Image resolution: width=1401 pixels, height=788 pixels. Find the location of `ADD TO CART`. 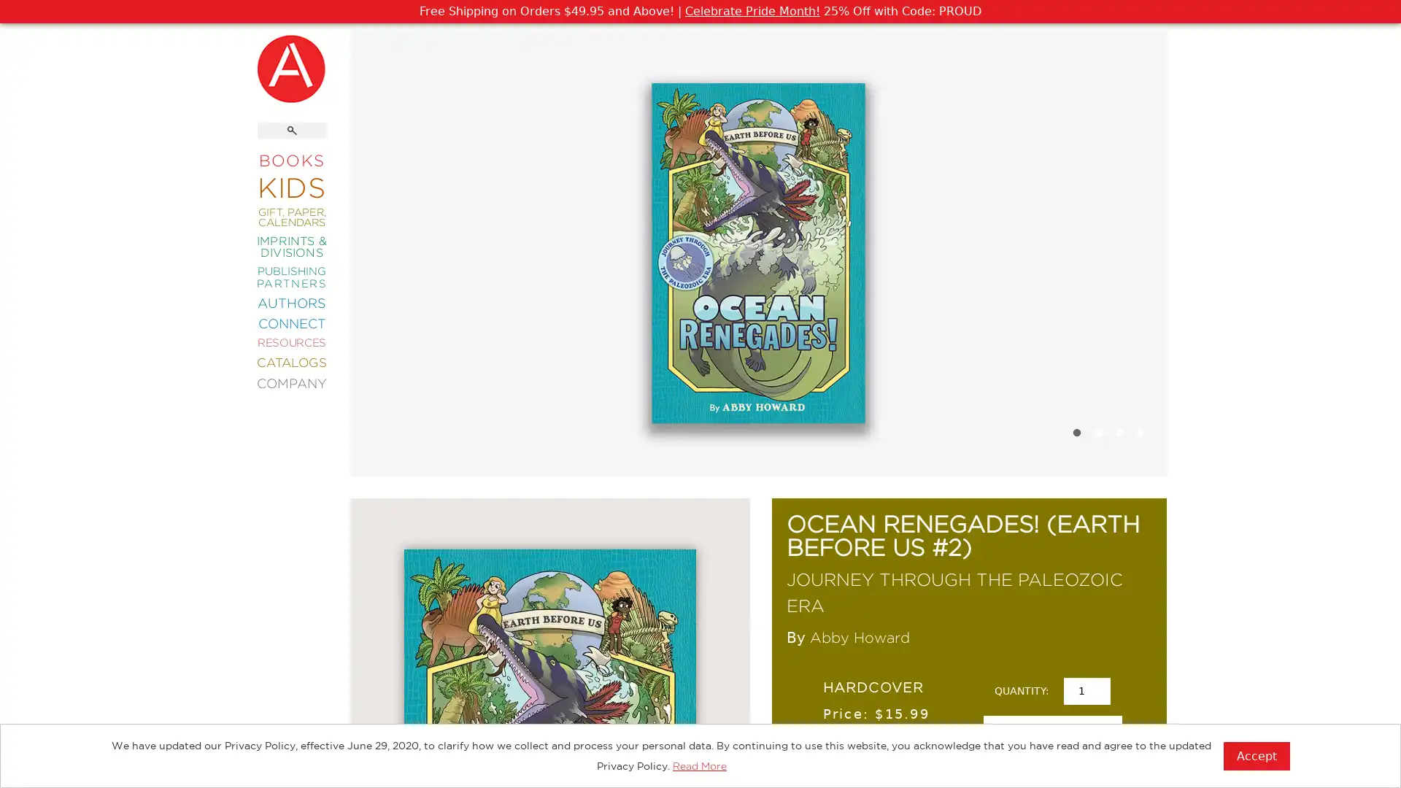

ADD TO CART is located at coordinates (1051, 737).